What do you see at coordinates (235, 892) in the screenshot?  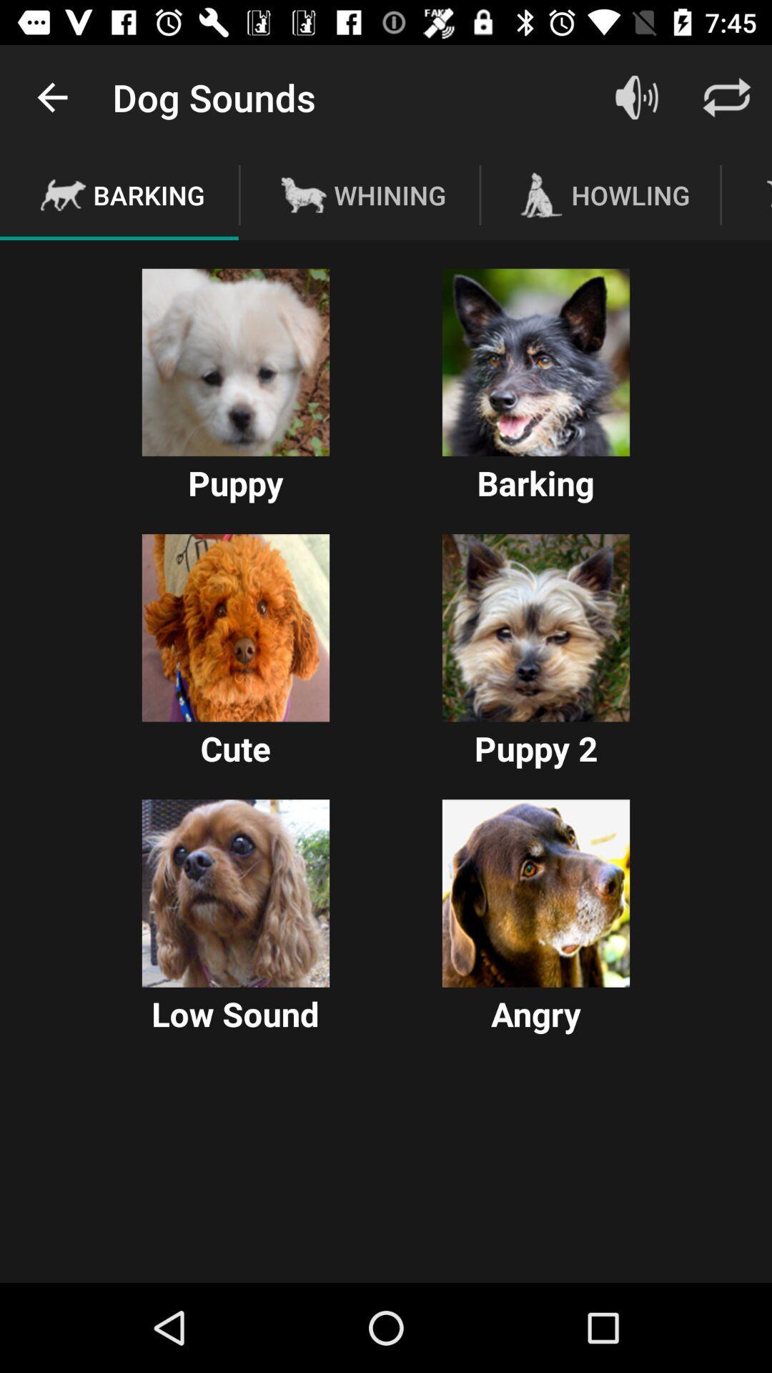 I see `sound` at bounding box center [235, 892].